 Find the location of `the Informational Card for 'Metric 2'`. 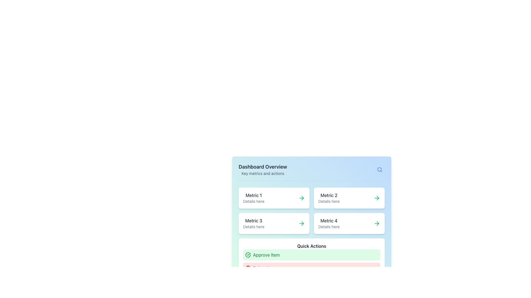

the Informational Card for 'Metric 2' is located at coordinates (349, 198).